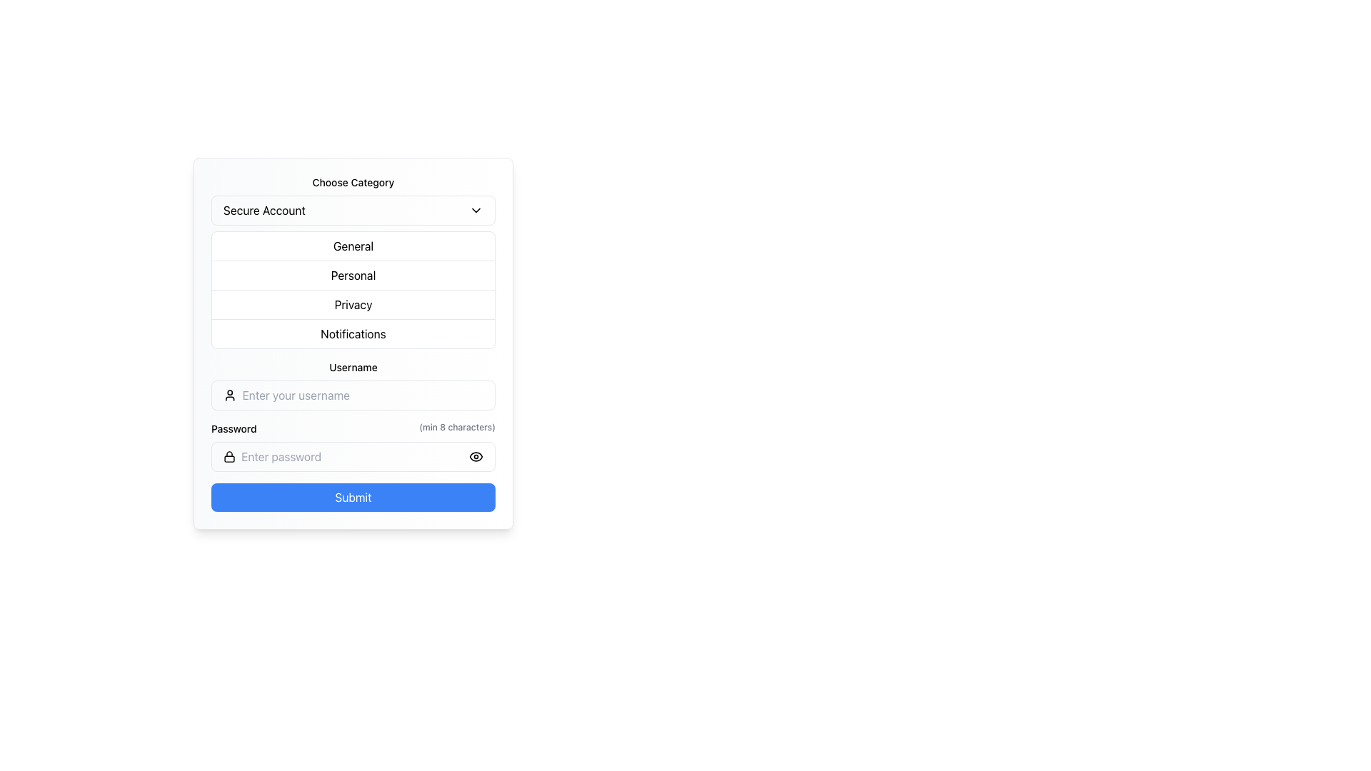 This screenshot has height=771, width=1371. I want to click on the submit button located at the bottom of the form, so click(353, 497).